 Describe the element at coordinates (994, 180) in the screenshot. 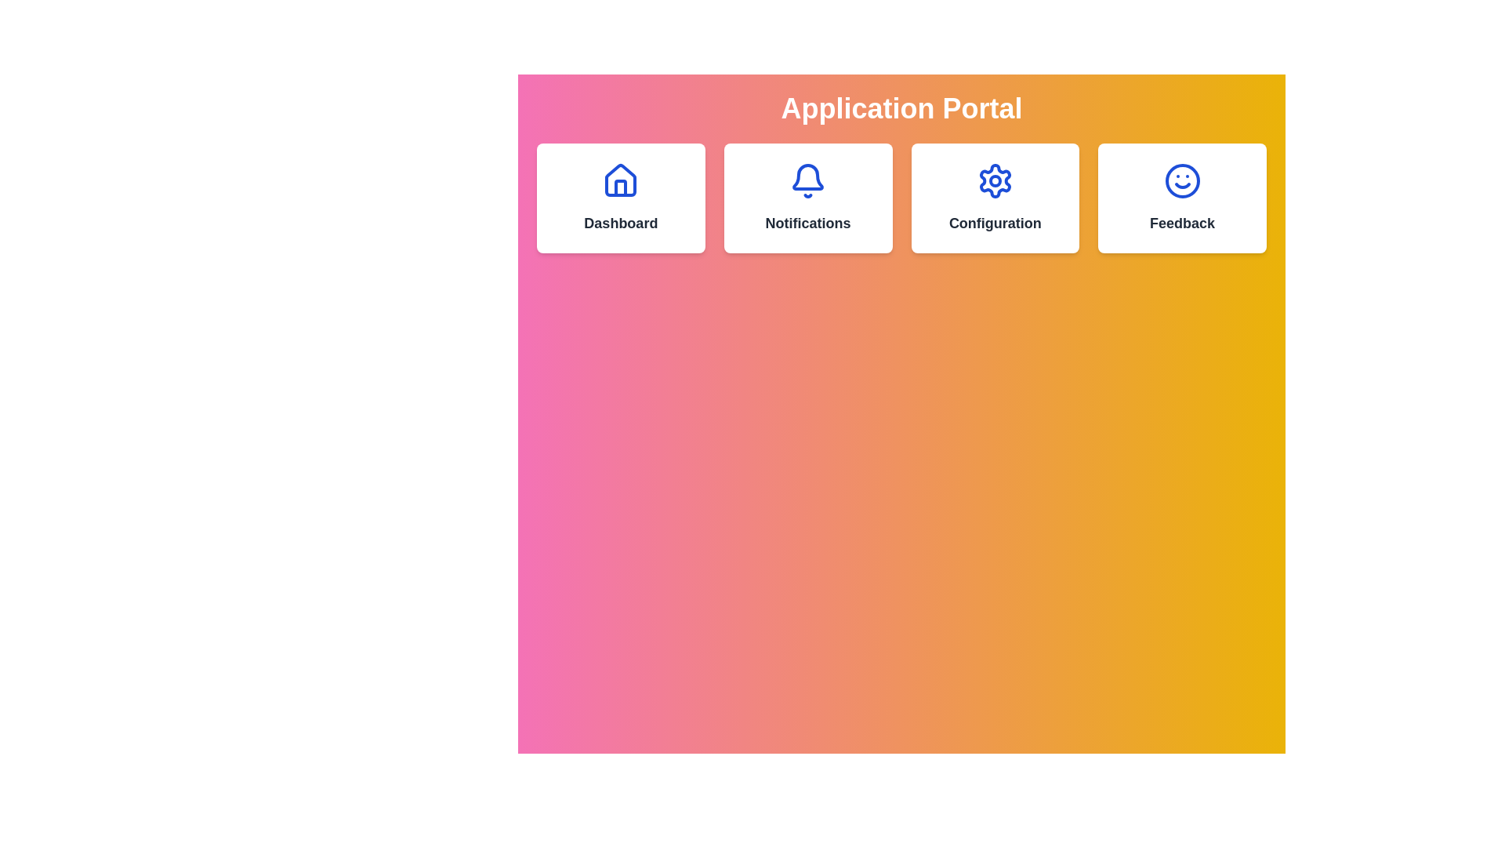

I see `the main gear shape of the 'Configuration' button icon, which is located in the third position from the left in a row of four buttons, just below the 'Application Portal' heading` at that location.